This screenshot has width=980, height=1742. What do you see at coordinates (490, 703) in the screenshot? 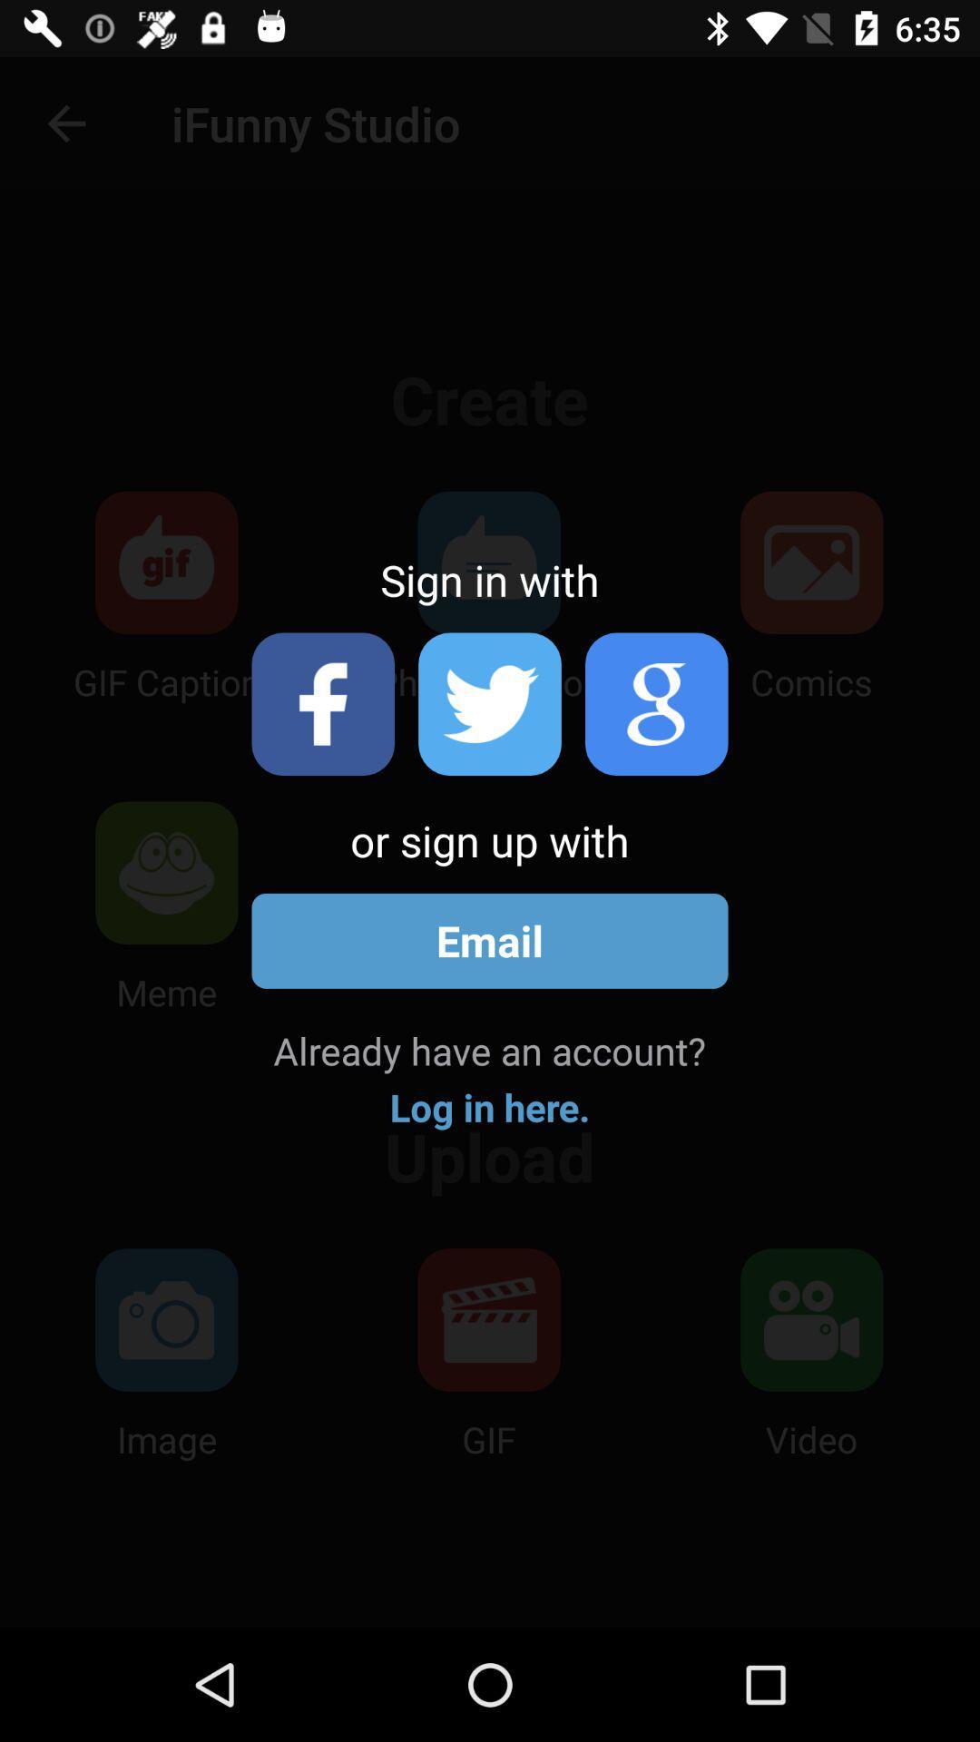
I see `the twitter icon` at bounding box center [490, 703].